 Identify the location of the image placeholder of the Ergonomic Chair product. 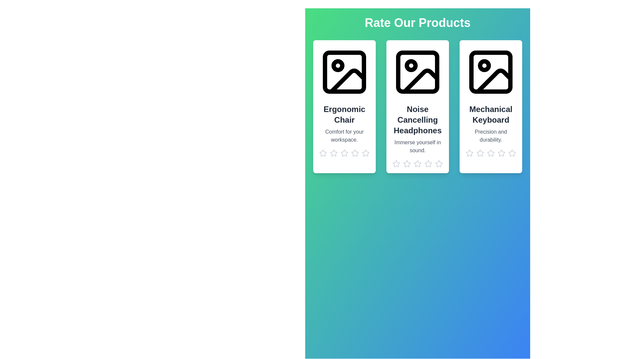
(344, 72).